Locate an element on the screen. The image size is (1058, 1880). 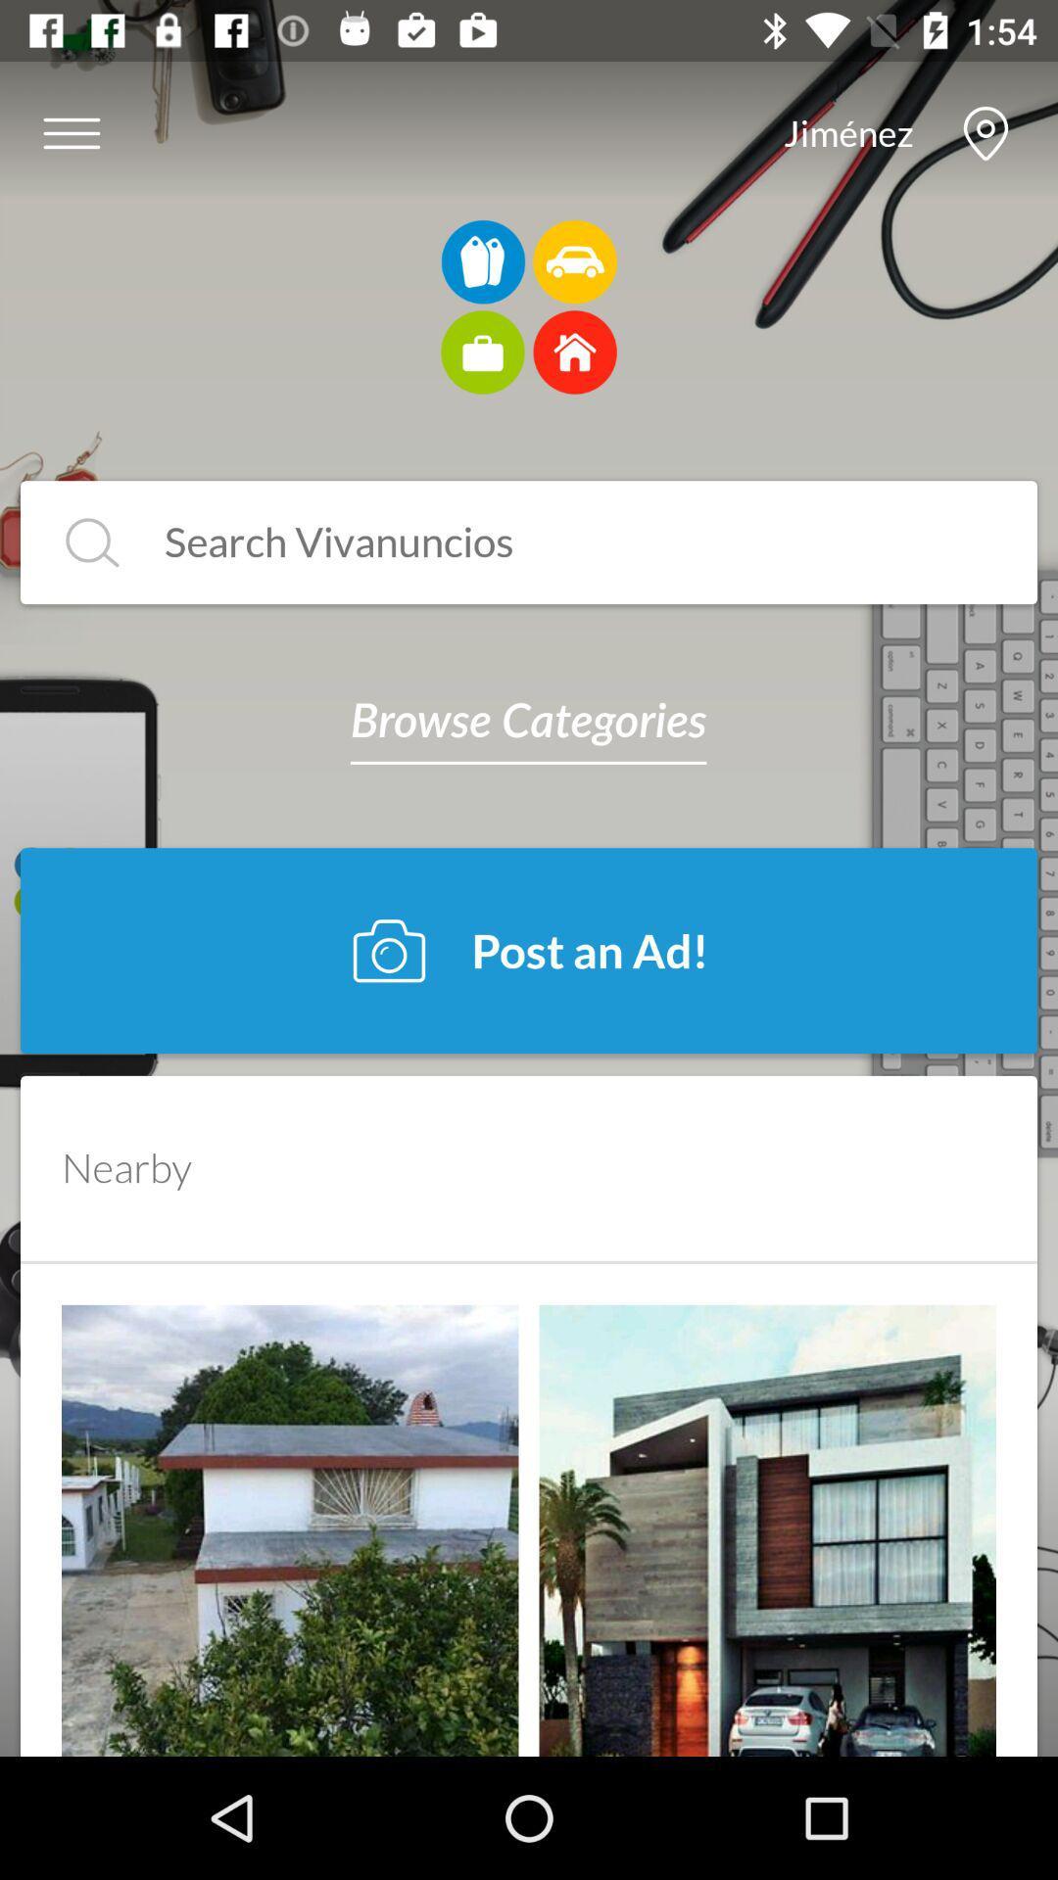
search vivanucios is located at coordinates (559, 542).